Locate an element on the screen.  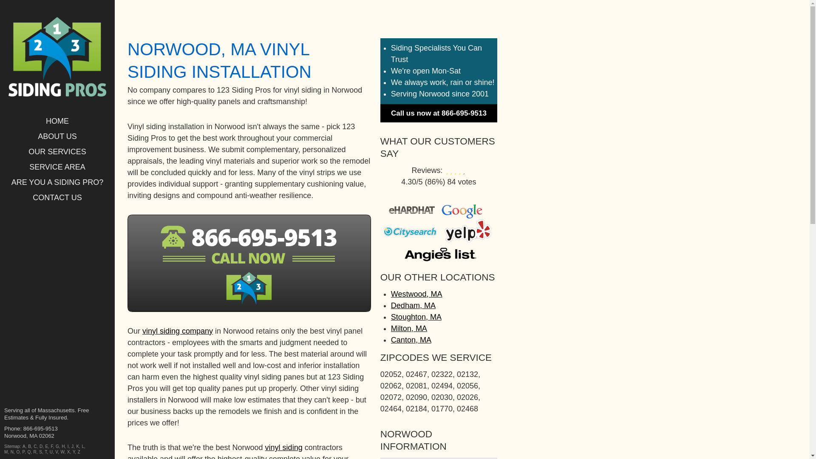
'vinyl siding company' is located at coordinates (142, 331).